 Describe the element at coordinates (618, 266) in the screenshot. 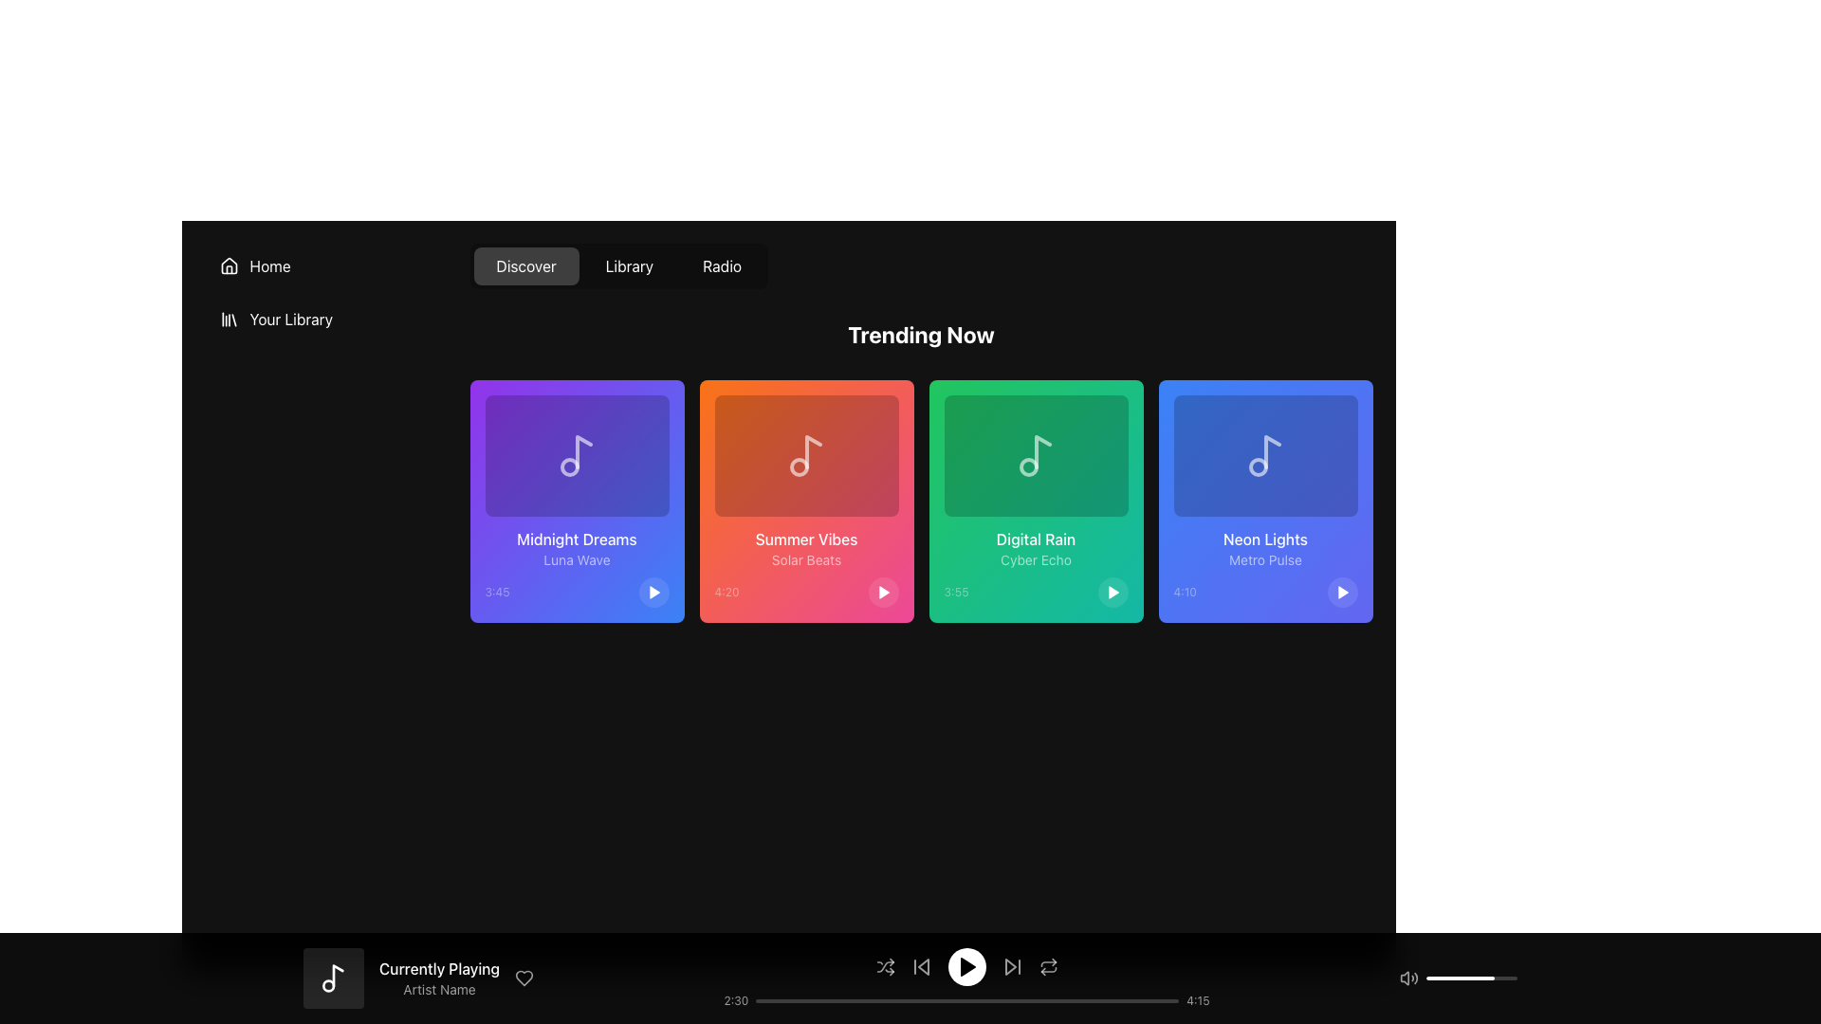

I see `the 'Library' button, which is a rectangular button with white text, located between the 'Discover' and 'Radio' buttons in the top section of the central panel` at that location.